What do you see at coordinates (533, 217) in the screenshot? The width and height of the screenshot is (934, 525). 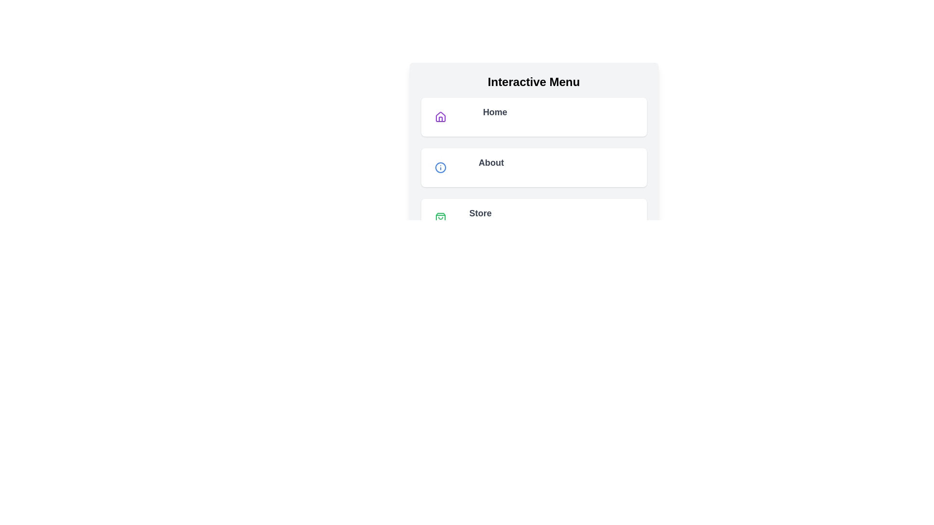 I see `the menu item labeled Store to view its tooltip` at bounding box center [533, 217].